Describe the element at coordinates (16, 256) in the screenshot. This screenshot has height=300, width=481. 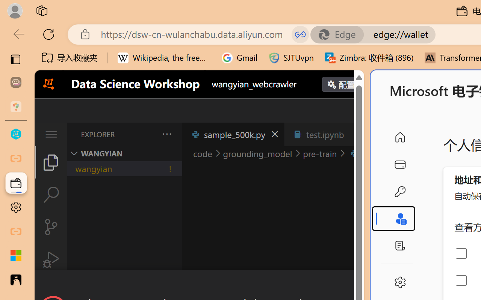
I see `'Microsoft security help and learning'` at that location.